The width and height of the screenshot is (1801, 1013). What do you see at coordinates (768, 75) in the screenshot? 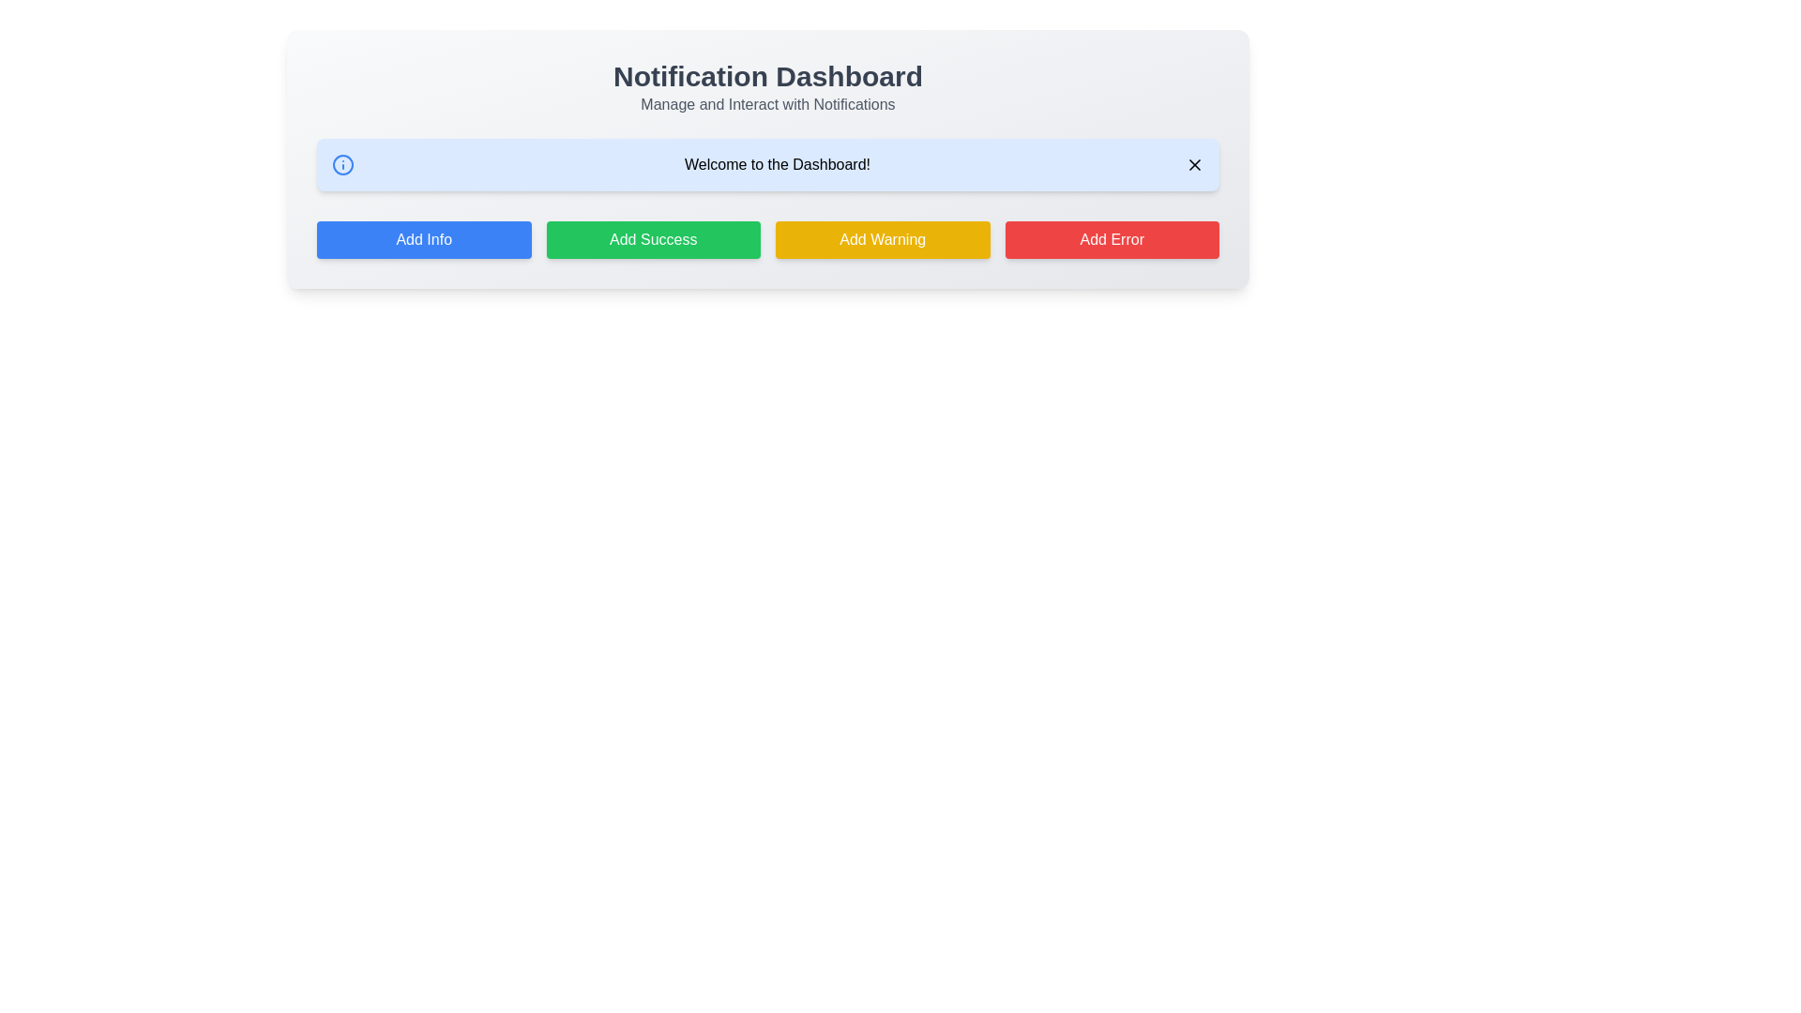
I see `the Header text or title label located at the top of the interface, indicating the purpose or theme of the page, centered horizontally above the text 'Manage and Interact with Notifications'` at bounding box center [768, 75].